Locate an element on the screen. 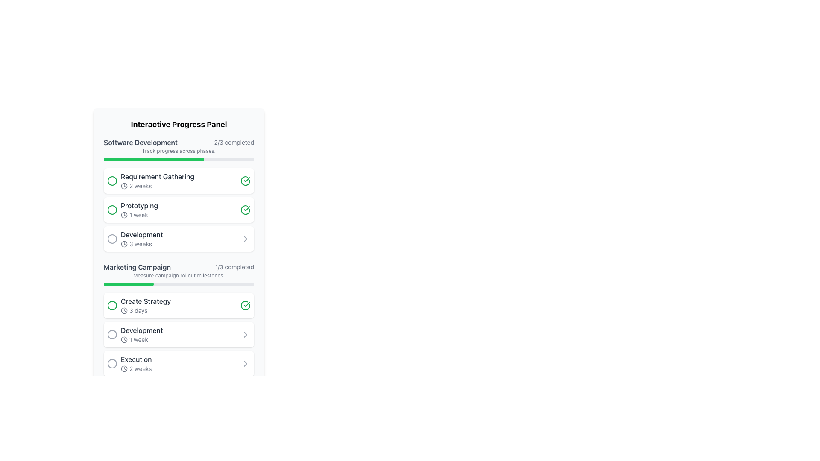 The image size is (820, 461). the visual representation of the SVG Circle icon indicating the status of the 'Create Strategy' task in the 'Marketing Campaign' section is located at coordinates (112, 305).